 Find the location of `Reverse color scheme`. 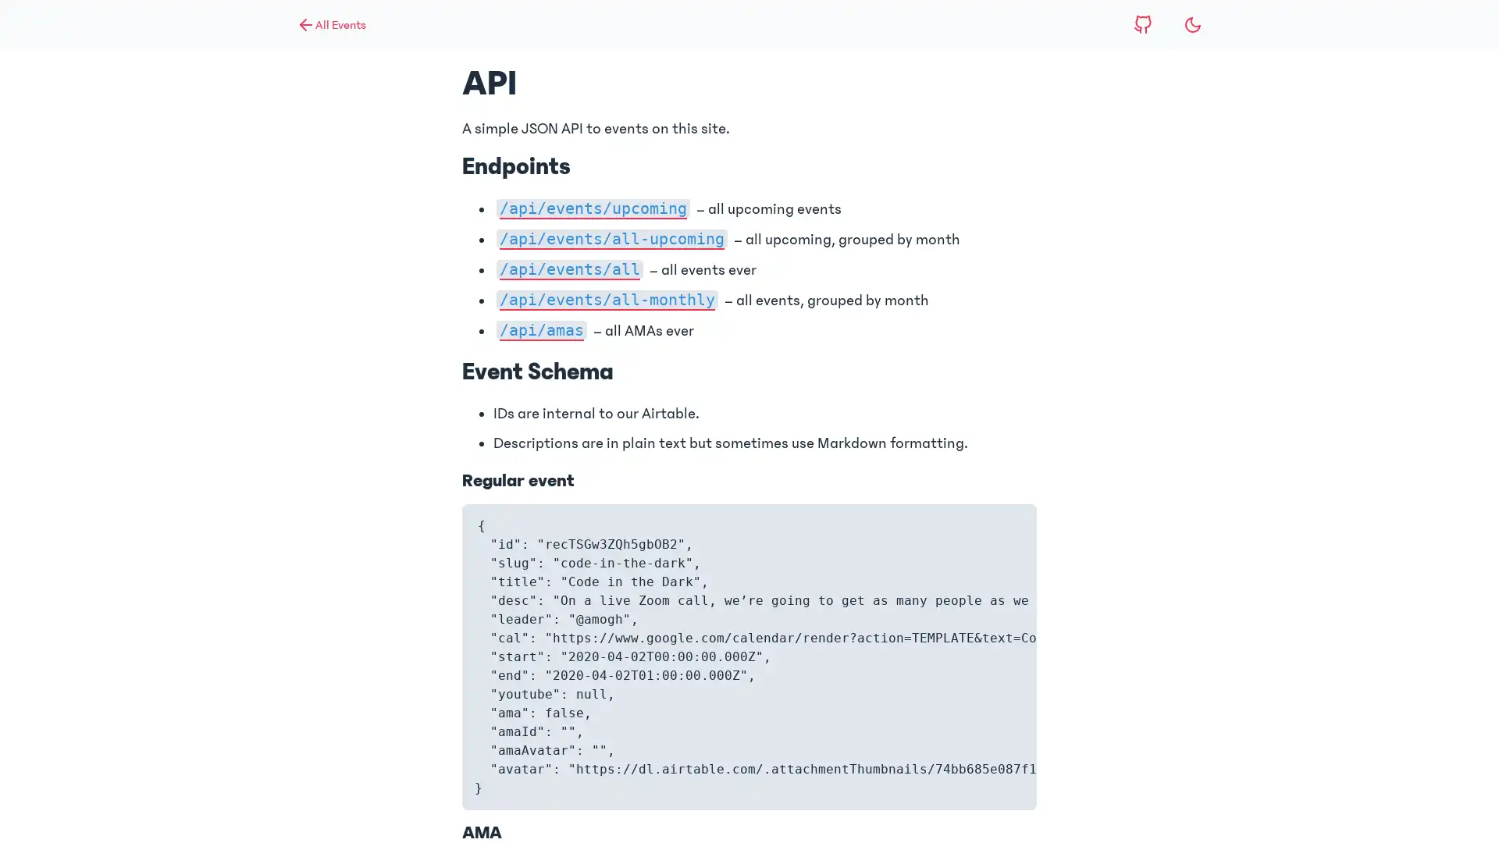

Reverse color scheme is located at coordinates (1191, 24).